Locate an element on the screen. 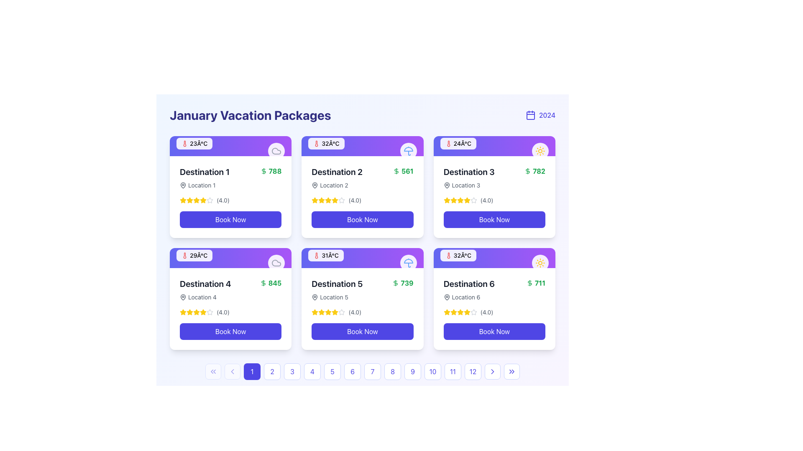  the gray star icon, which is the fifth star in the row representing a 4.0 rating for 'Destination 5' is located at coordinates (342, 312).